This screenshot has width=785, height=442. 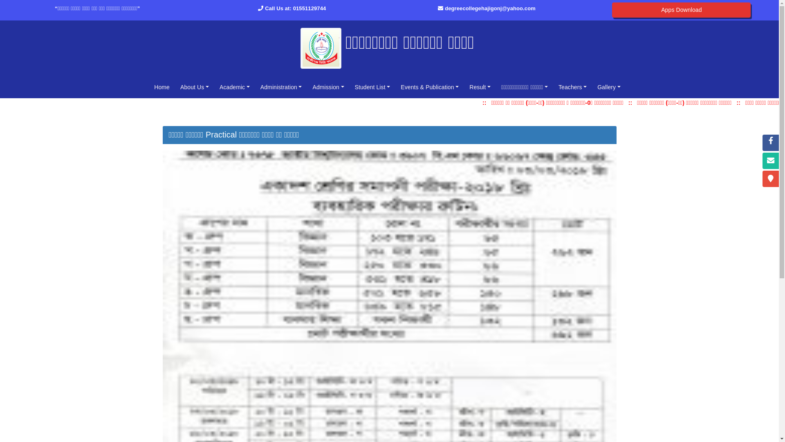 I want to click on 'Result', so click(x=480, y=87).